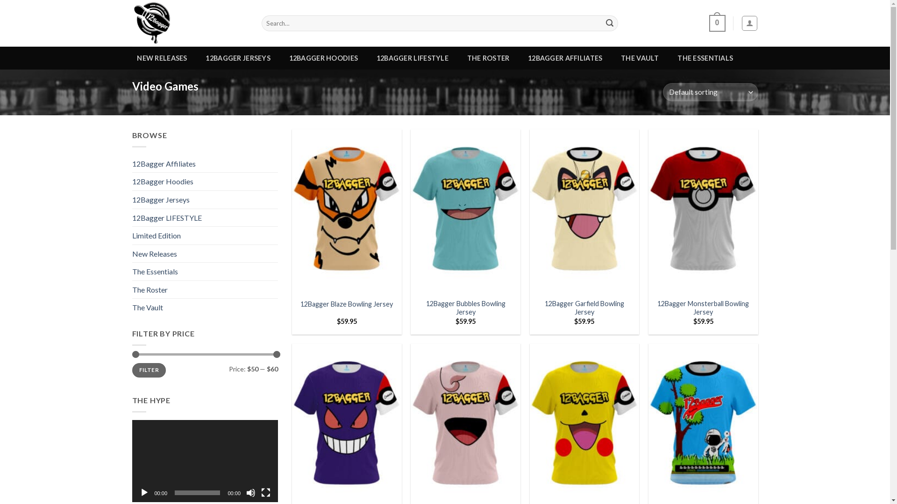 The height and width of the screenshot is (504, 897). What do you see at coordinates (465, 308) in the screenshot?
I see `'12Bagger Bubbles Bowling Jersey'` at bounding box center [465, 308].